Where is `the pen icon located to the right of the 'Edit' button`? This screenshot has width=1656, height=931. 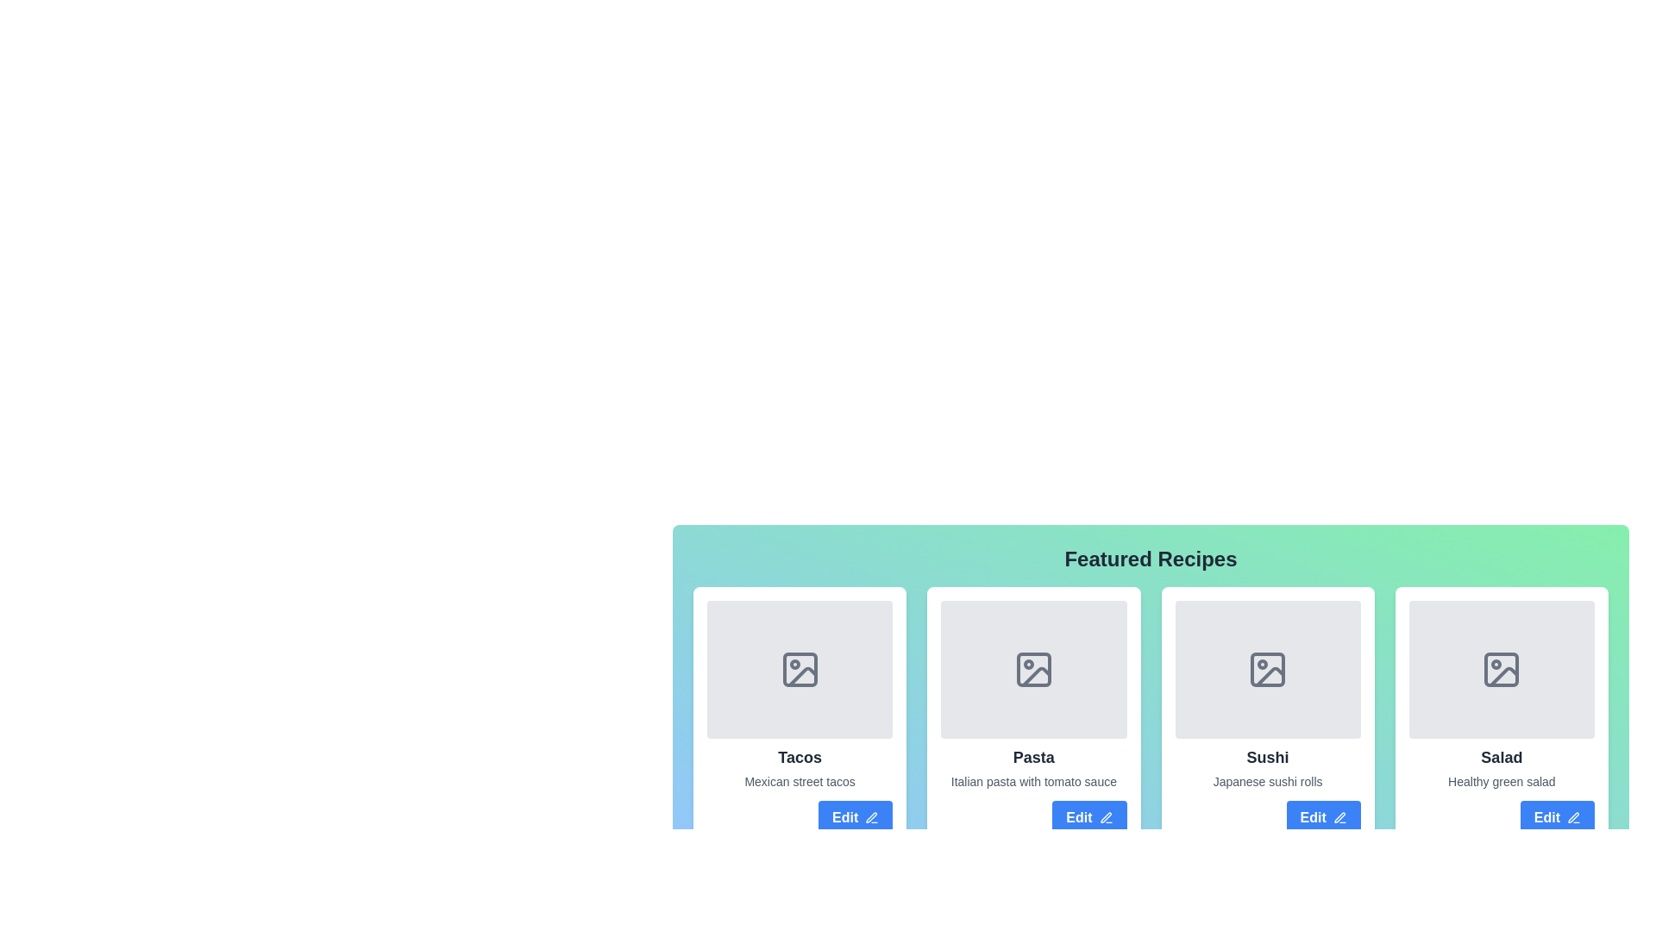
the pen icon located to the right of the 'Edit' button is located at coordinates (1339, 816).